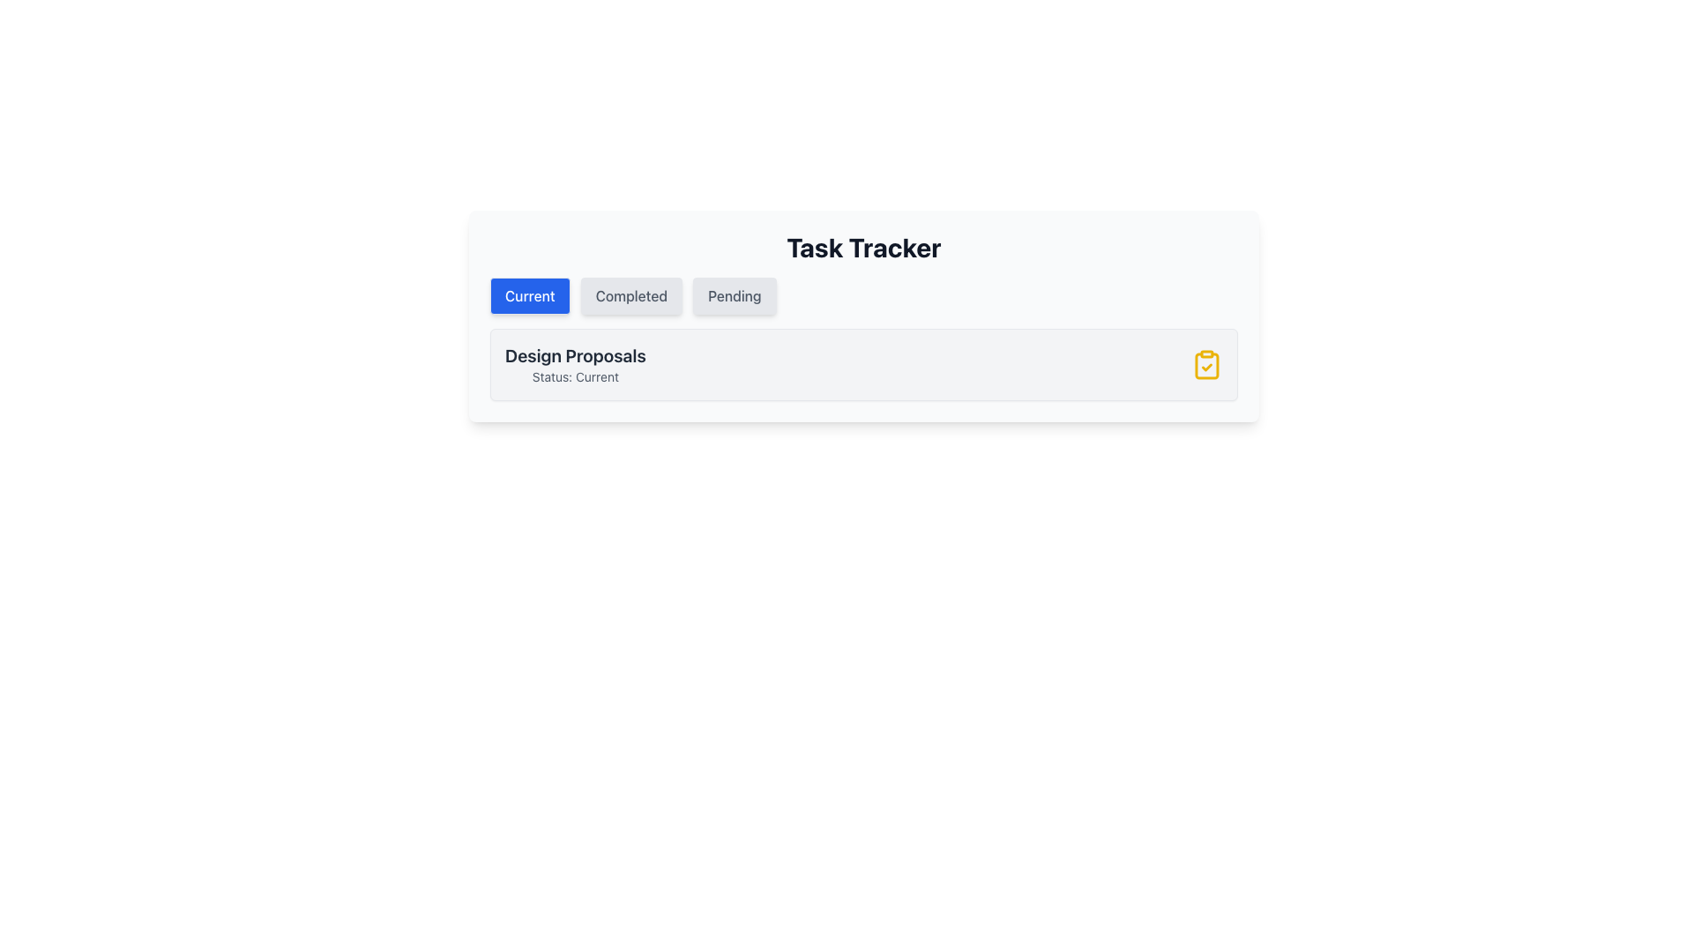 The height and width of the screenshot is (952, 1693). I want to click on the icon located at the far right of the 'Design Proposals' section, so click(1205, 363).